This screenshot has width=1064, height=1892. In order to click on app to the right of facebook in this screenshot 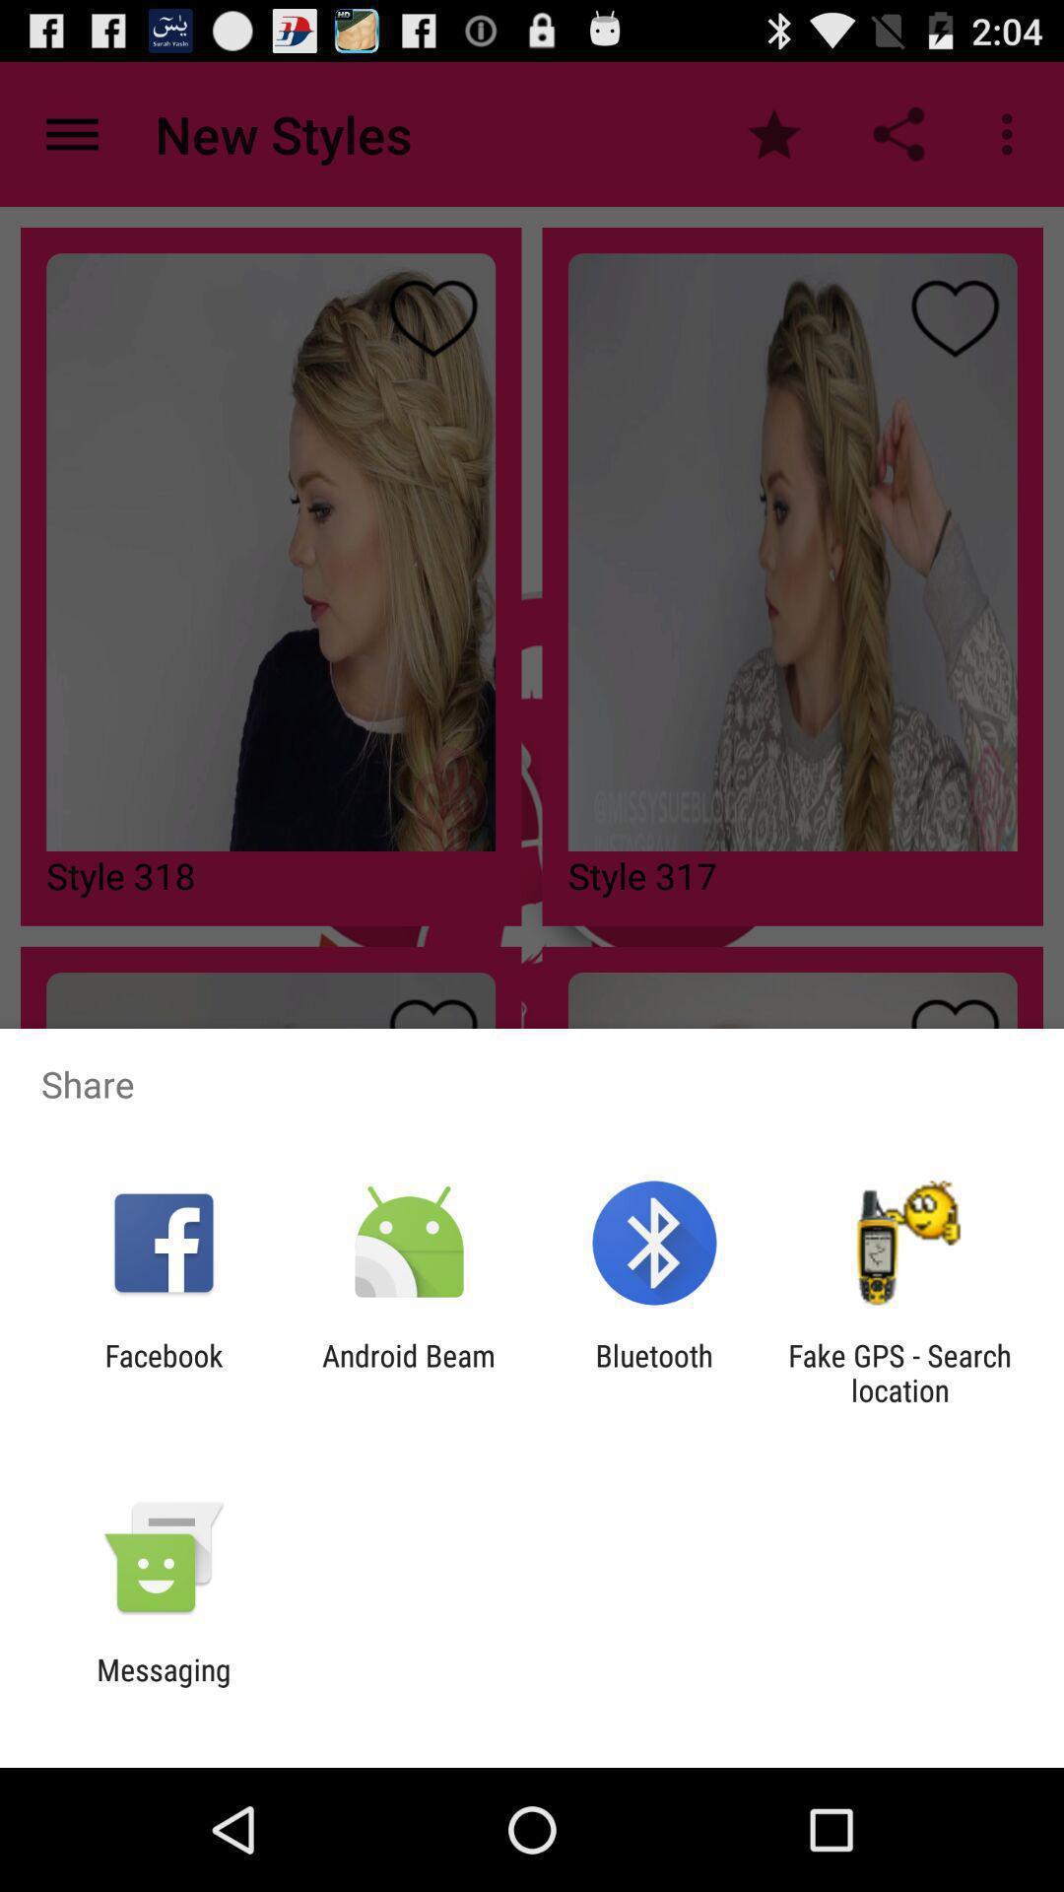, I will do `click(408, 1372)`.